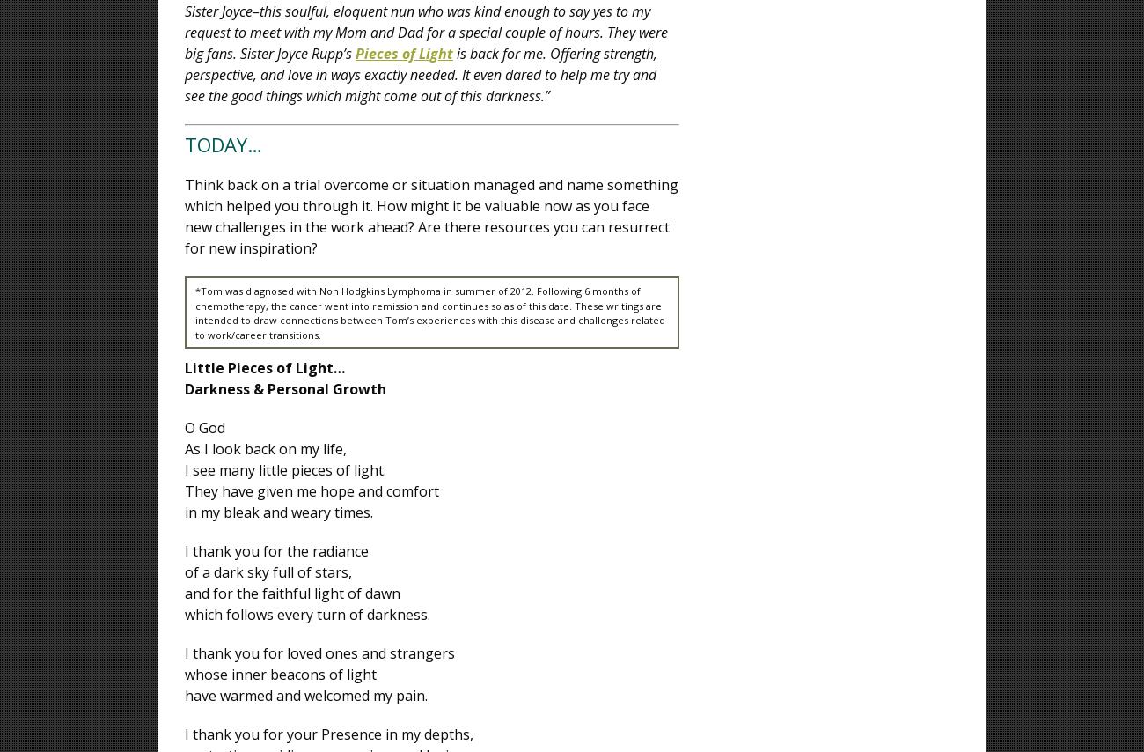 This screenshot has height=752, width=1144. What do you see at coordinates (431, 216) in the screenshot?
I see `'Think back on a trial overcome or situation managed and name something which helped you through it. How might it be valuable now as you face new challenges in the work ahead? Are there resources you can resurrect for new inspiration?'` at bounding box center [431, 216].